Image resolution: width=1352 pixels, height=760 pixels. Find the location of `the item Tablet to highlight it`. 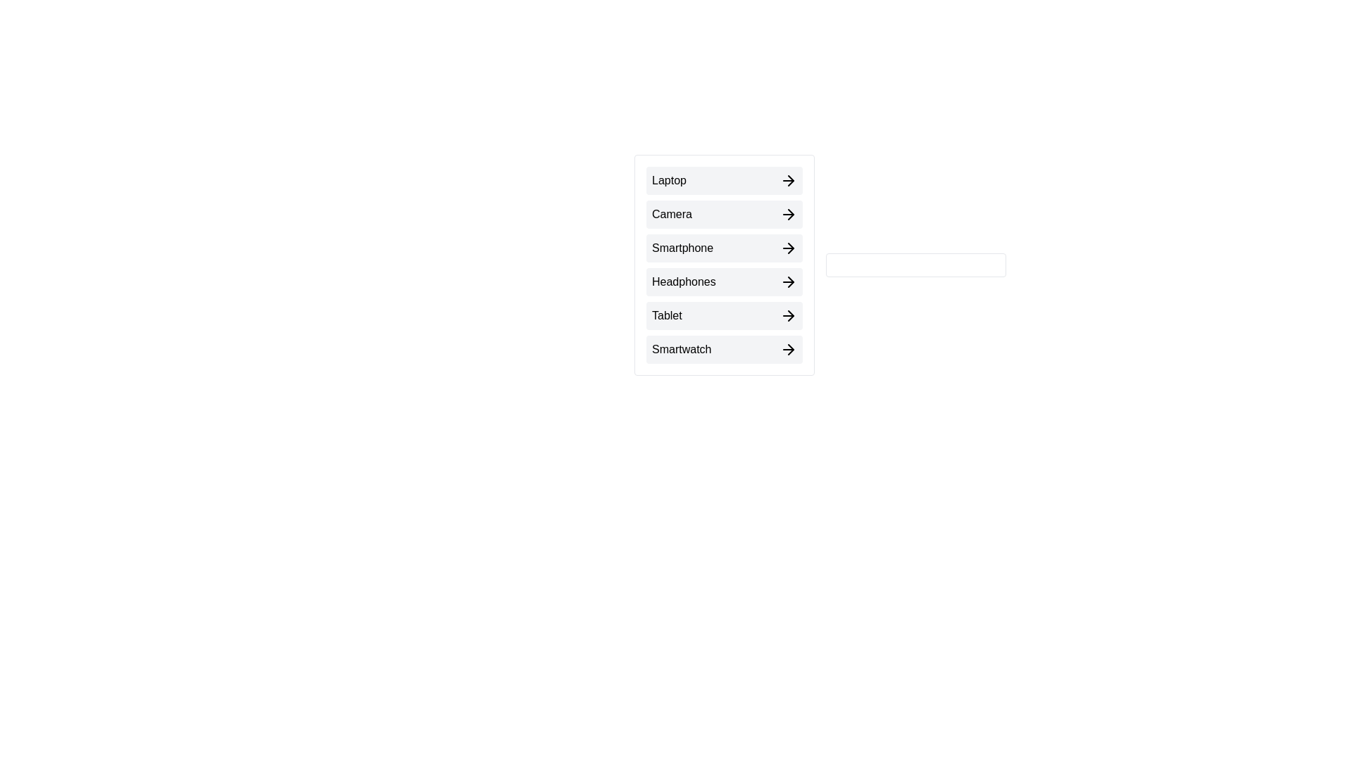

the item Tablet to highlight it is located at coordinates (724, 315).